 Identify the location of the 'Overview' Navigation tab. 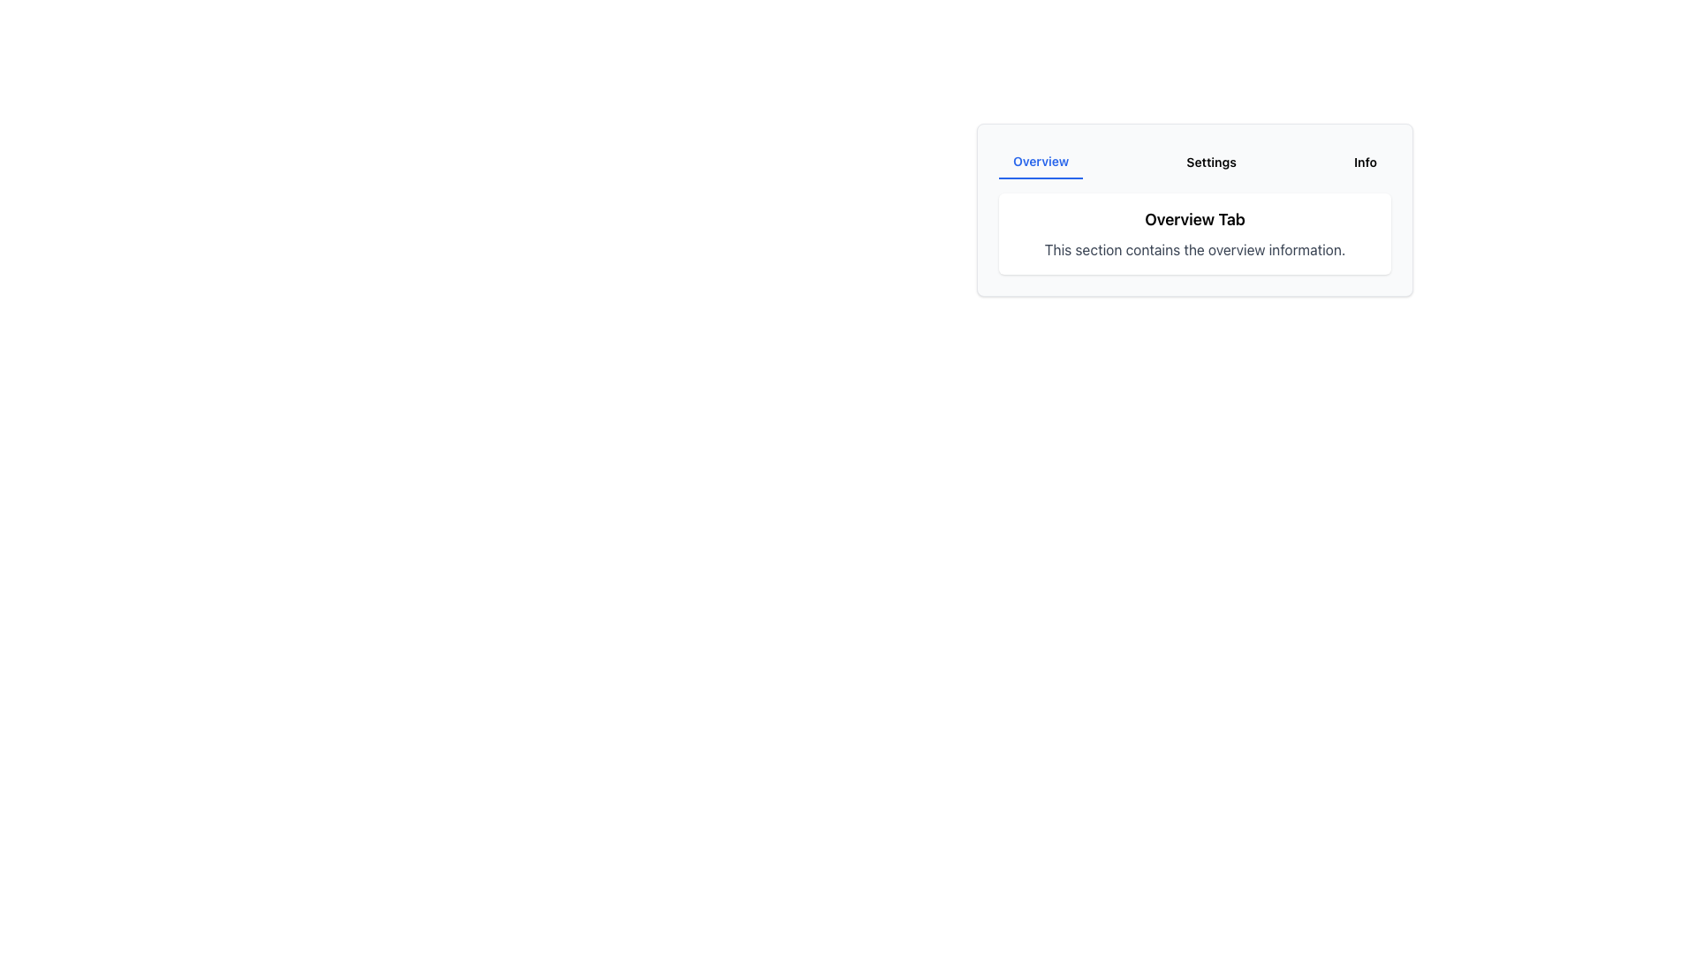
(1041, 163).